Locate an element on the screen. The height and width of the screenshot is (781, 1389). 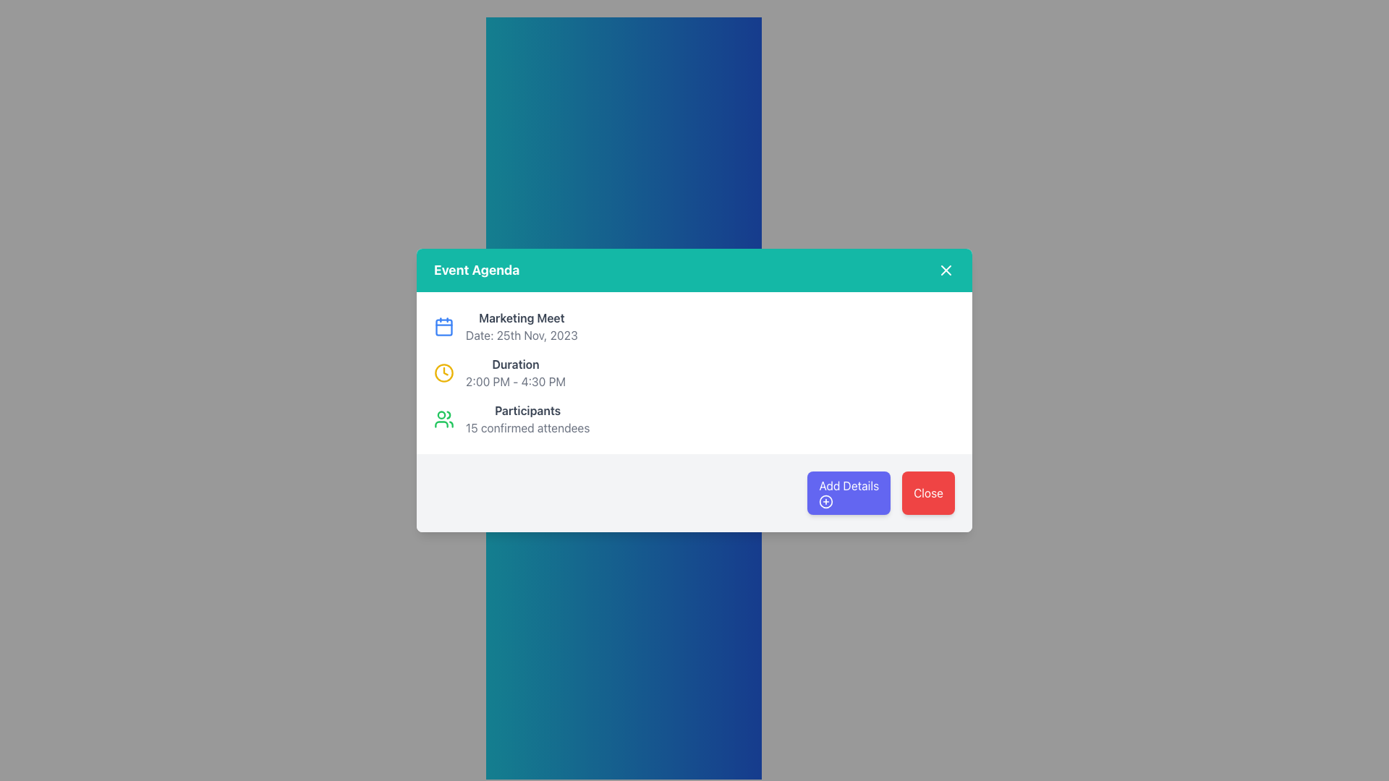
the small square button with an 'X' mark on a teal-colored background is located at coordinates (946, 270).